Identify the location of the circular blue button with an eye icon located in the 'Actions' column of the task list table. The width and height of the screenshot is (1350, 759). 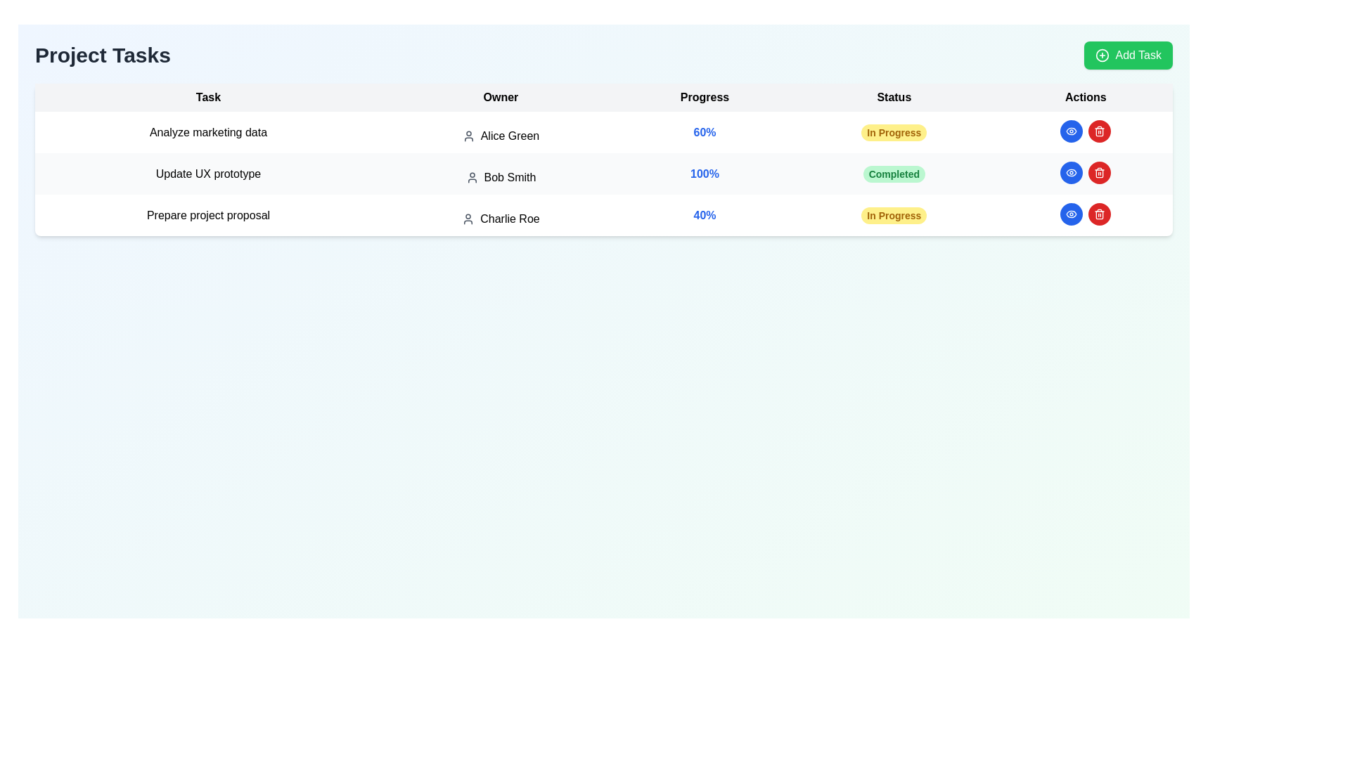
(1071, 172).